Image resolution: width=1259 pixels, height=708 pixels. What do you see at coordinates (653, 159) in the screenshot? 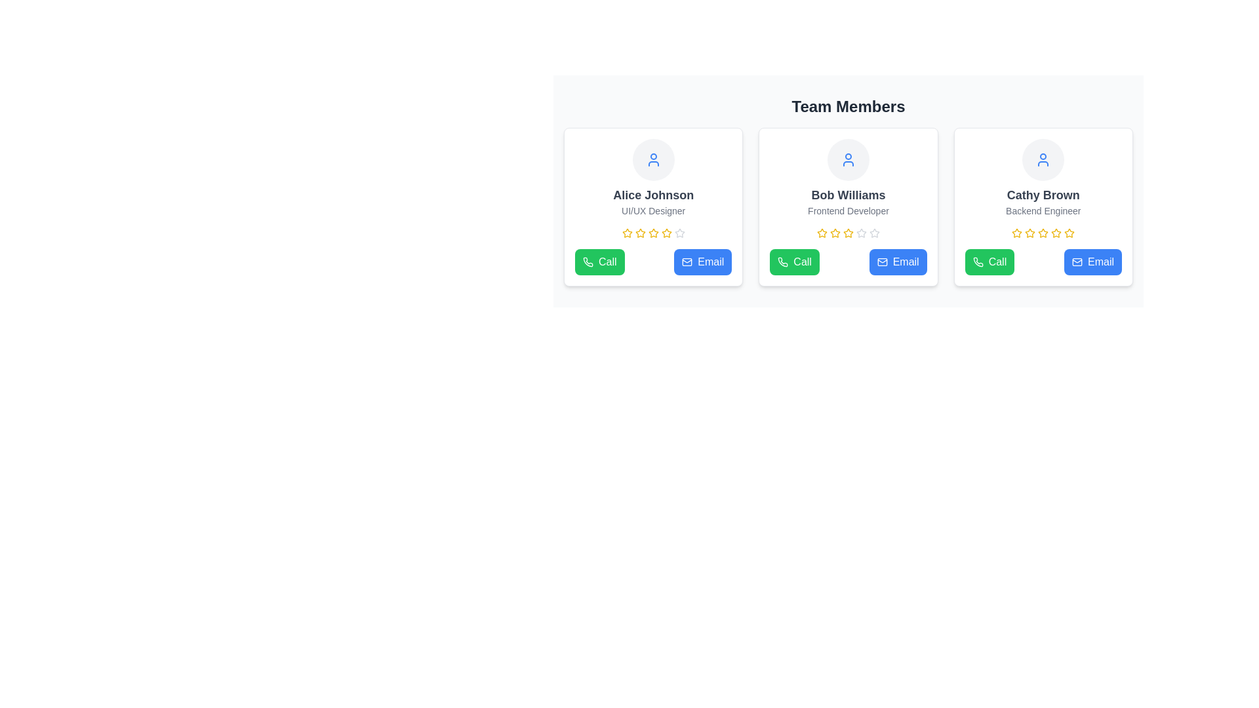
I see `the circular profile avatar icon with a gray background and blue user symbol` at bounding box center [653, 159].